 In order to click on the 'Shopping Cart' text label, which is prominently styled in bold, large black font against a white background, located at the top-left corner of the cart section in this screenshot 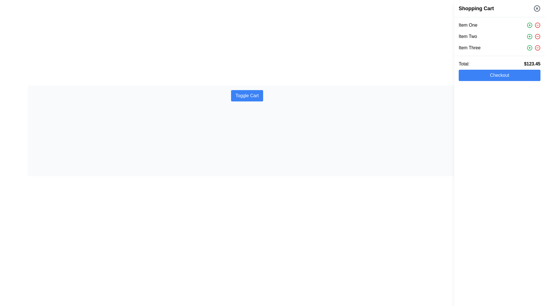, I will do `click(476, 8)`.